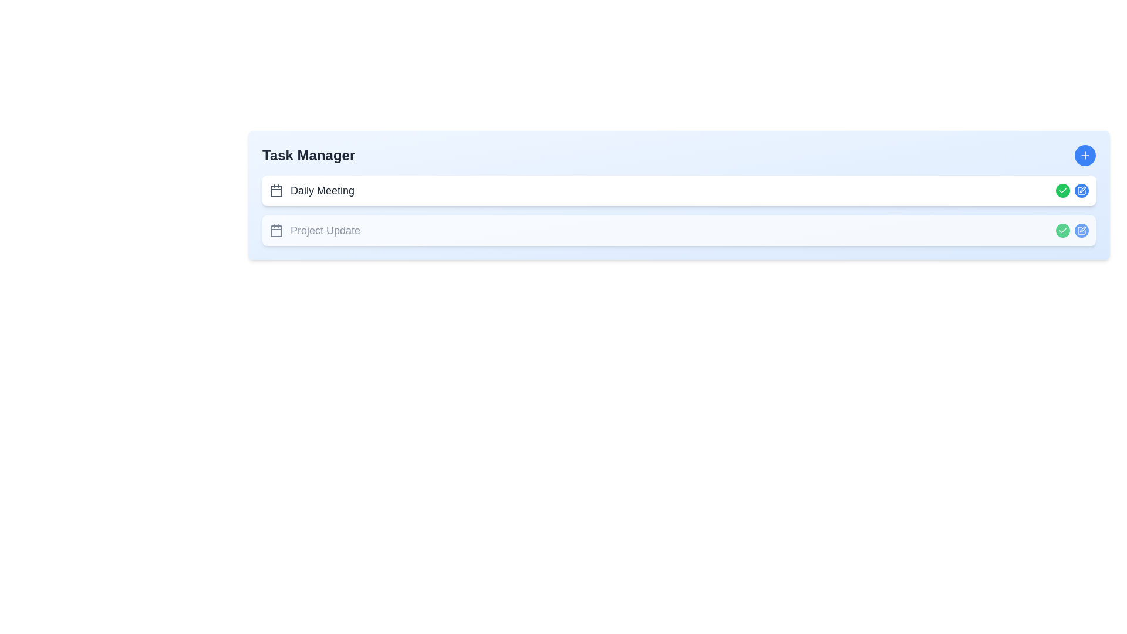 The width and height of the screenshot is (1127, 634). I want to click on the small square icon featuring a pen symbol in a blue-themed circular button background, located next to the 'Daily Meeting' task, so click(1081, 190).